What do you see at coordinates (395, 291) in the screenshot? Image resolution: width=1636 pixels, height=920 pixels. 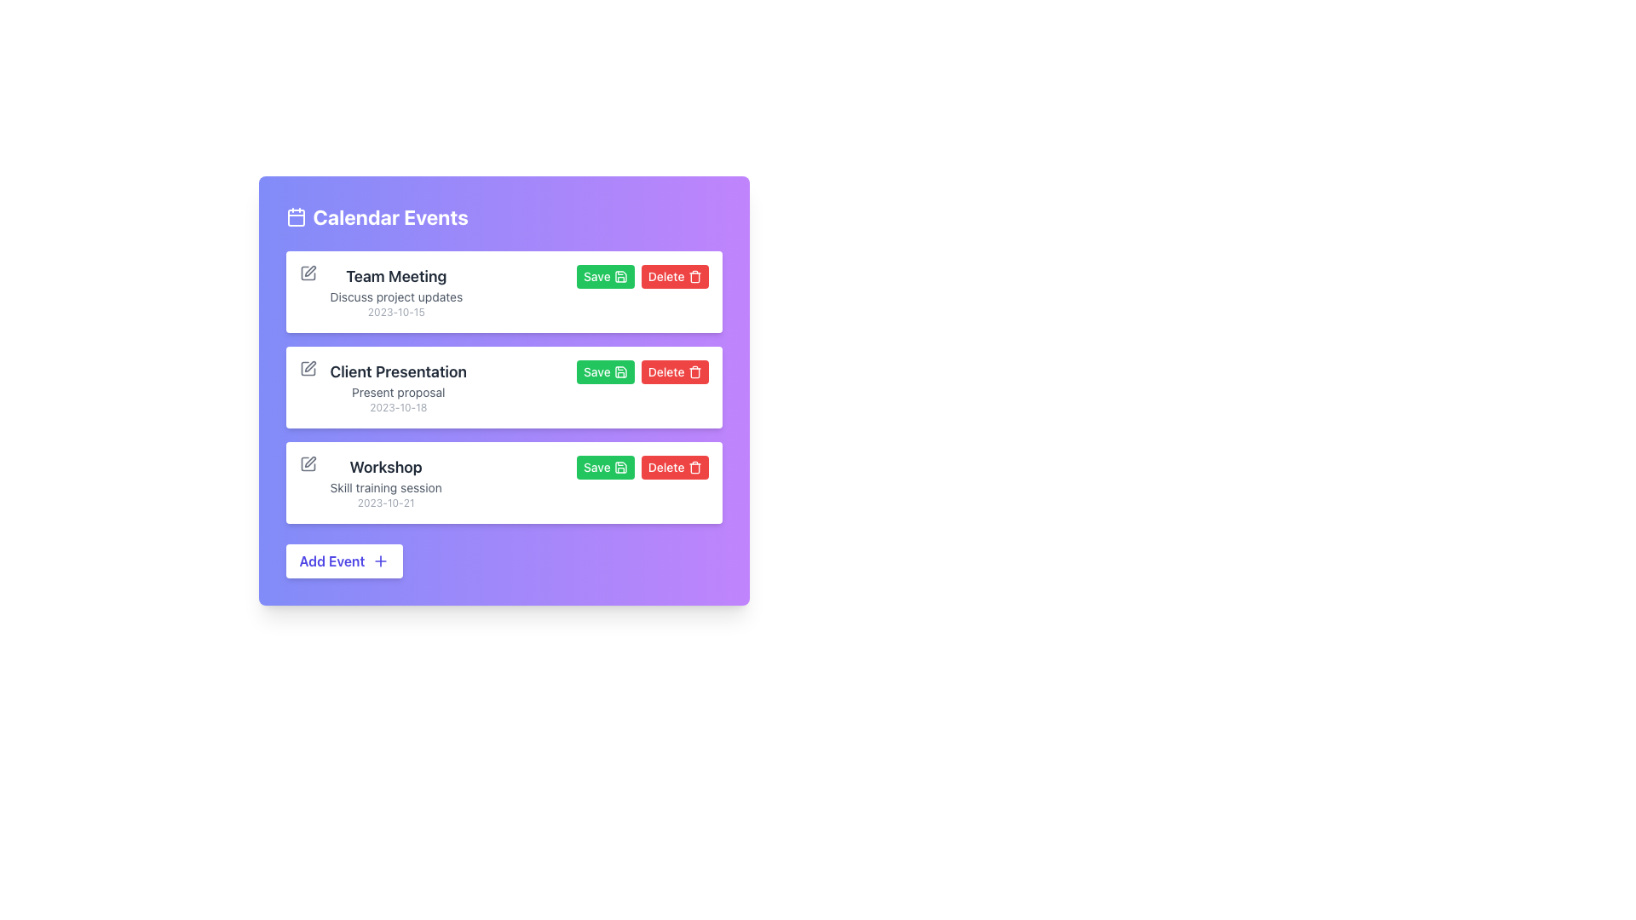 I see `the first event summary card` at bounding box center [395, 291].